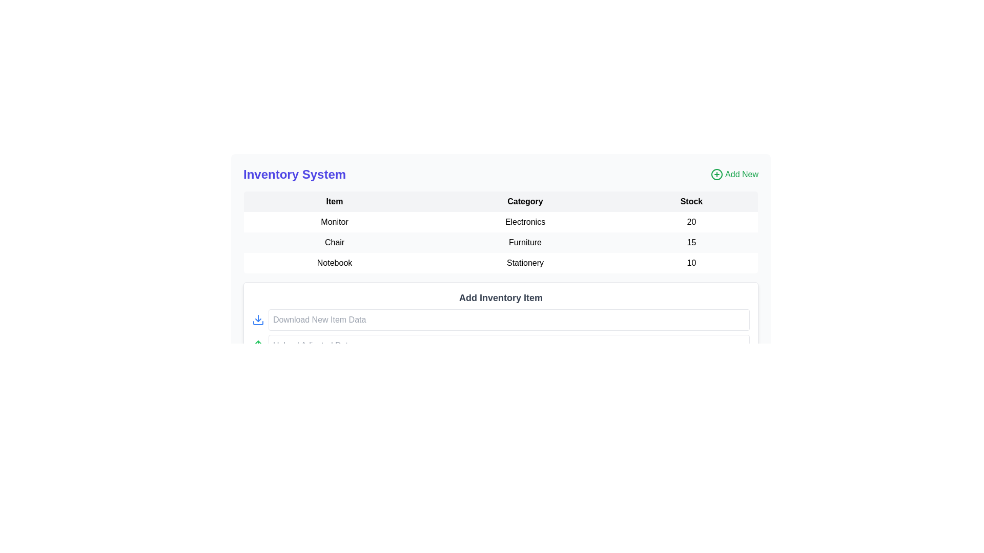 The image size is (984, 553). Describe the element at coordinates (258, 346) in the screenshot. I see `the upload icon with a green outlined upward arrow located near the bottom left of the 'Add Inventory Item' section` at that location.